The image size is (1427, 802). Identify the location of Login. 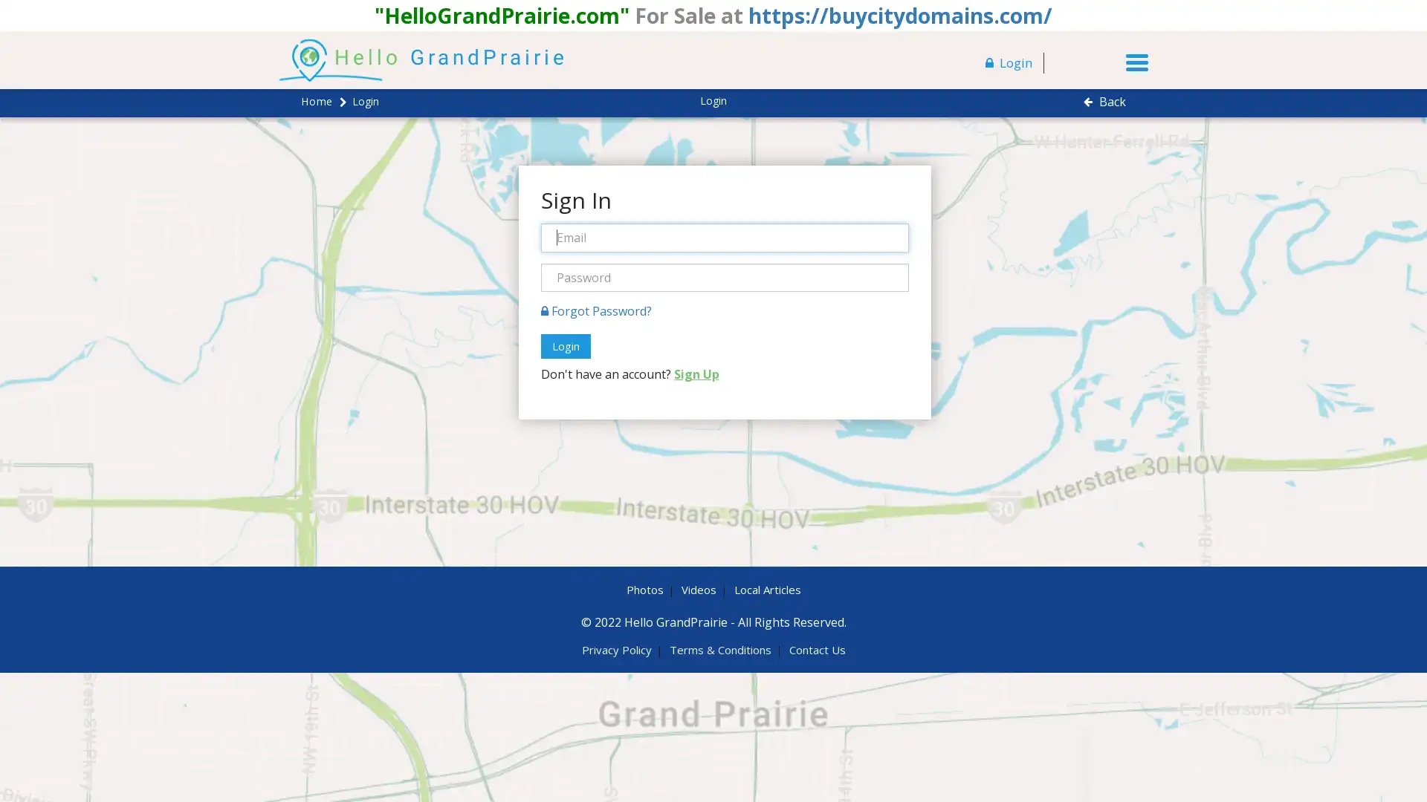
(564, 346).